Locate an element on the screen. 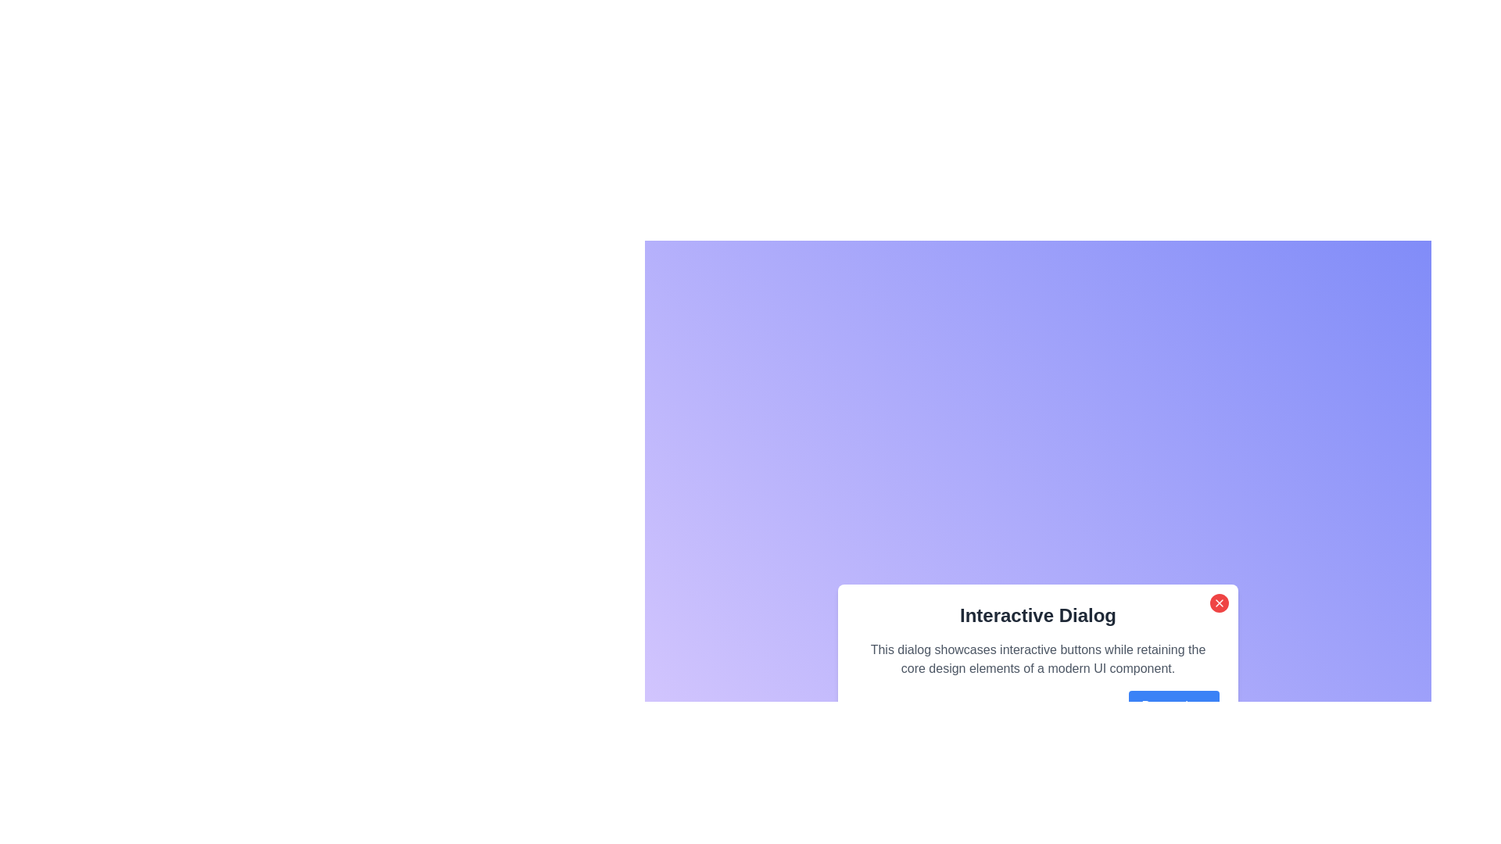  the 'Interactive Dialog' text header to initiate the related action is located at coordinates (1038, 614).